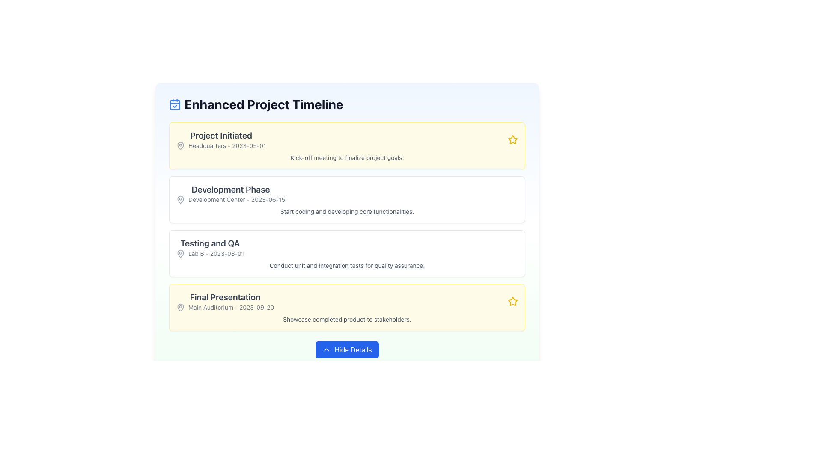 The width and height of the screenshot is (822, 462). I want to click on the purpose of the 'Final Presentation' event card in the project timeline, which is positioned as the last card below the 'Testing and QA' card, so click(347, 307).